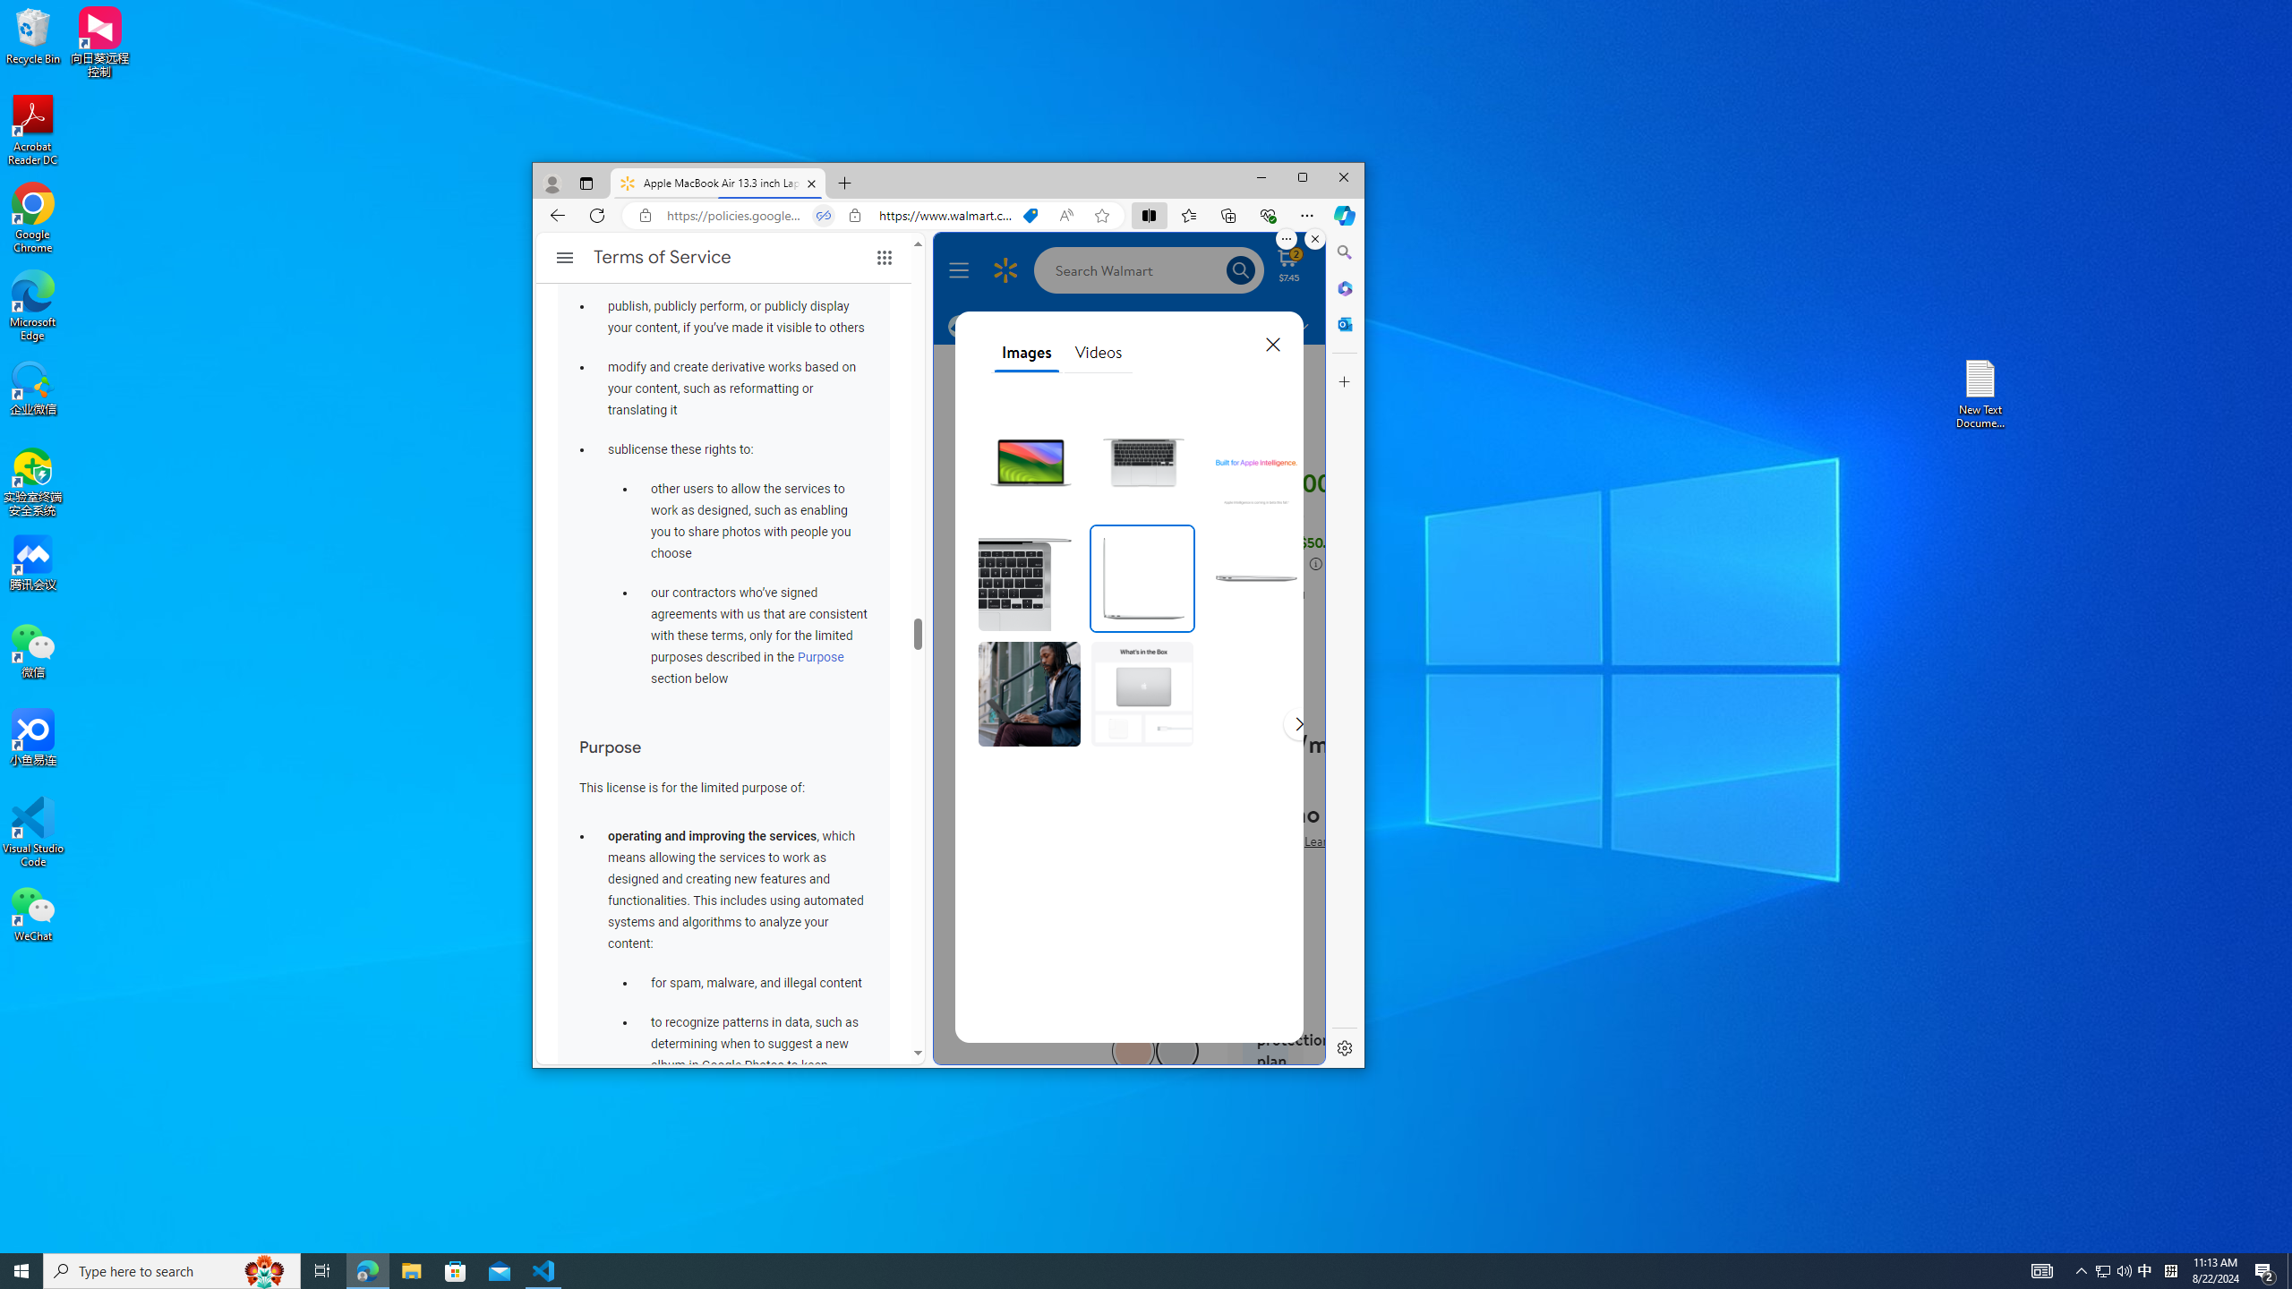  I want to click on 'This site has coupons! Shopping in Microsoft Edge, 7', so click(1029, 215).